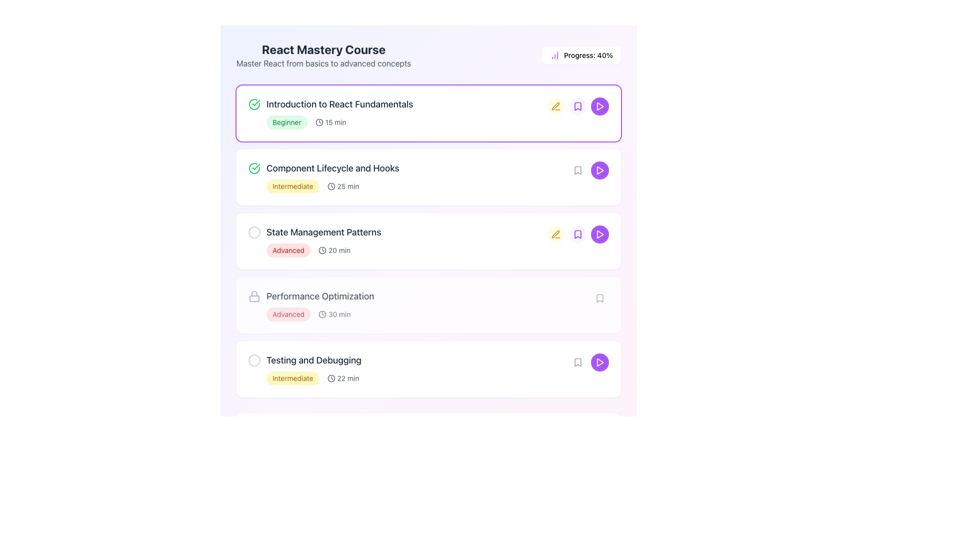 The height and width of the screenshot is (540, 960). I want to click on circular part of the SVG graphic representing the clock icon's outer rim, located near the top left corner of the component listing, beside the 'Component Lifecycle and Hooks' section, so click(322, 313).